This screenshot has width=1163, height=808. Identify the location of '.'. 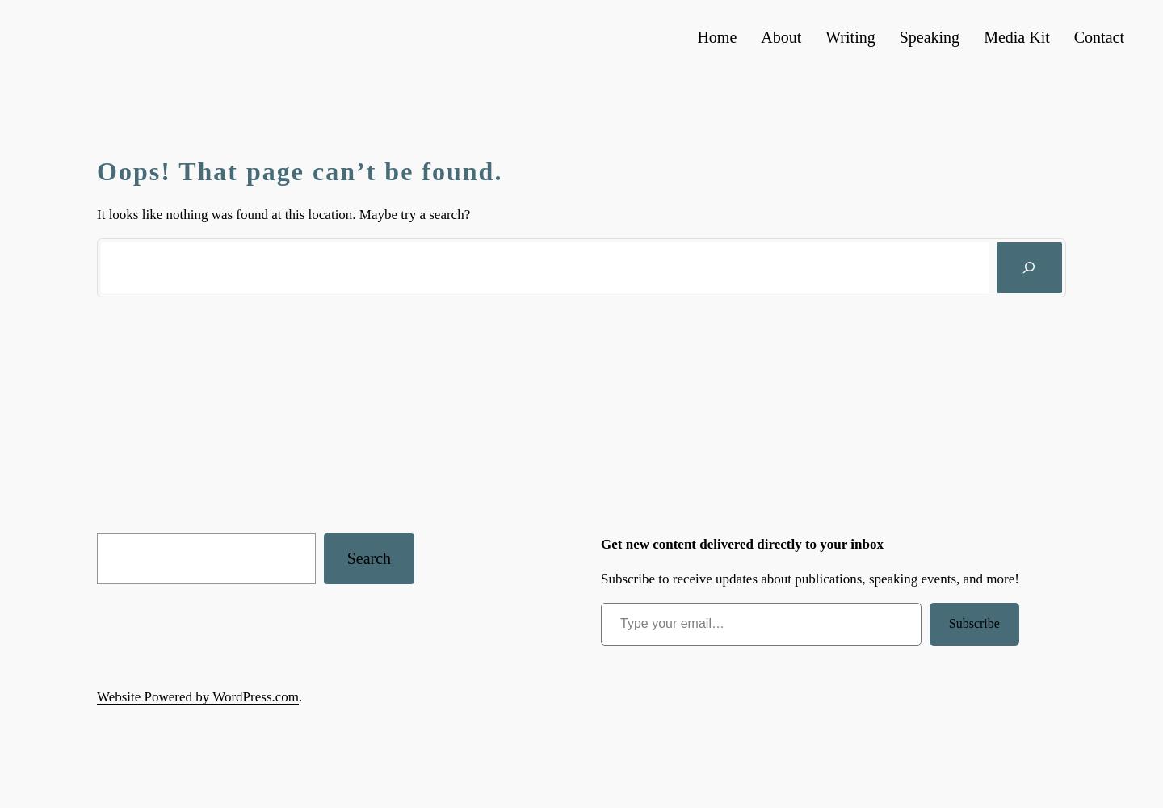
(299, 696).